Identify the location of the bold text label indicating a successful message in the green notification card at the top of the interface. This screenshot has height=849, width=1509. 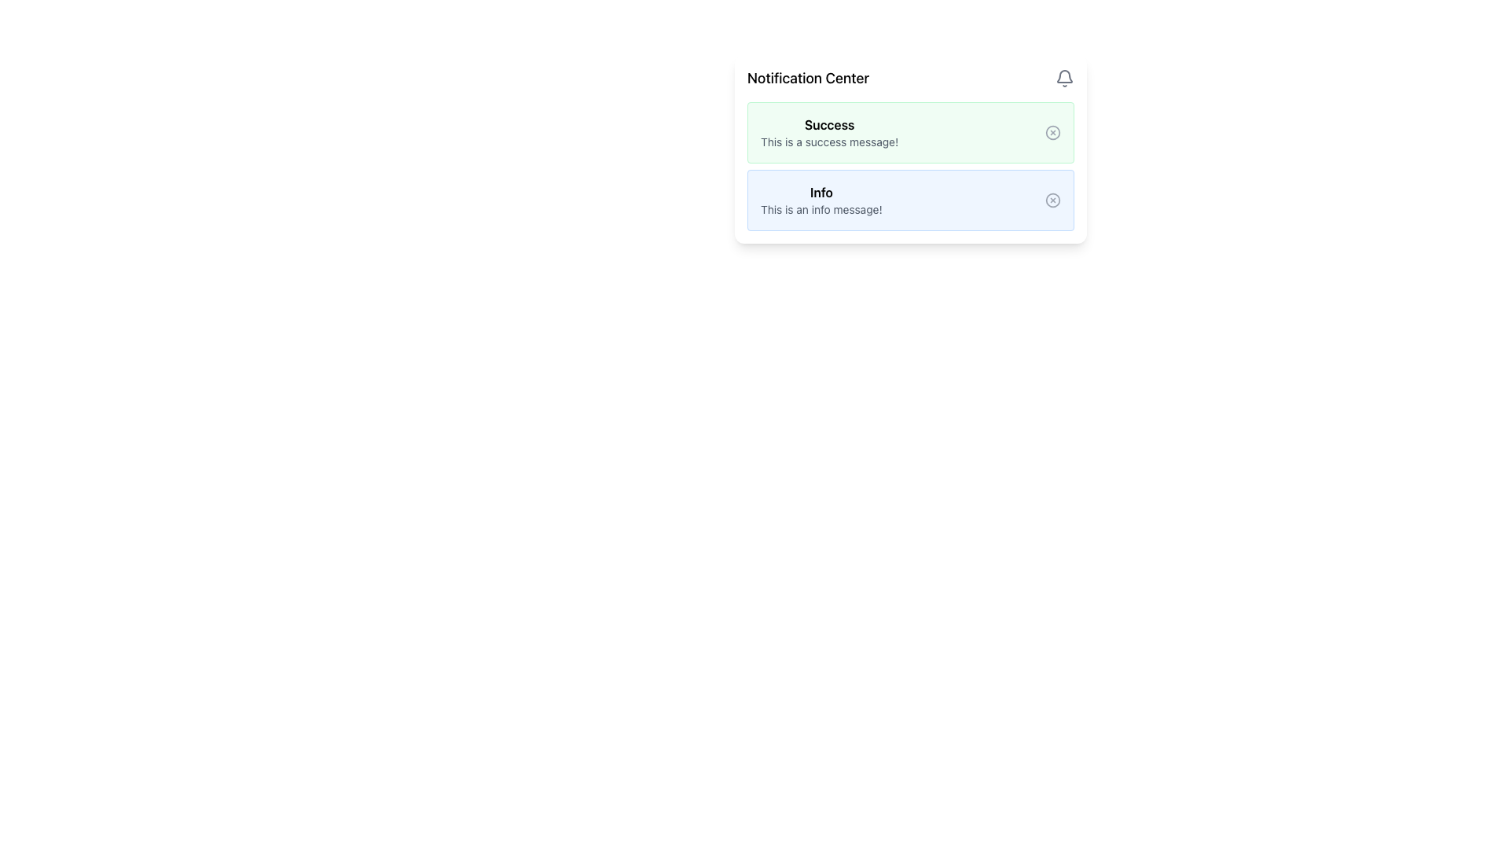
(828, 123).